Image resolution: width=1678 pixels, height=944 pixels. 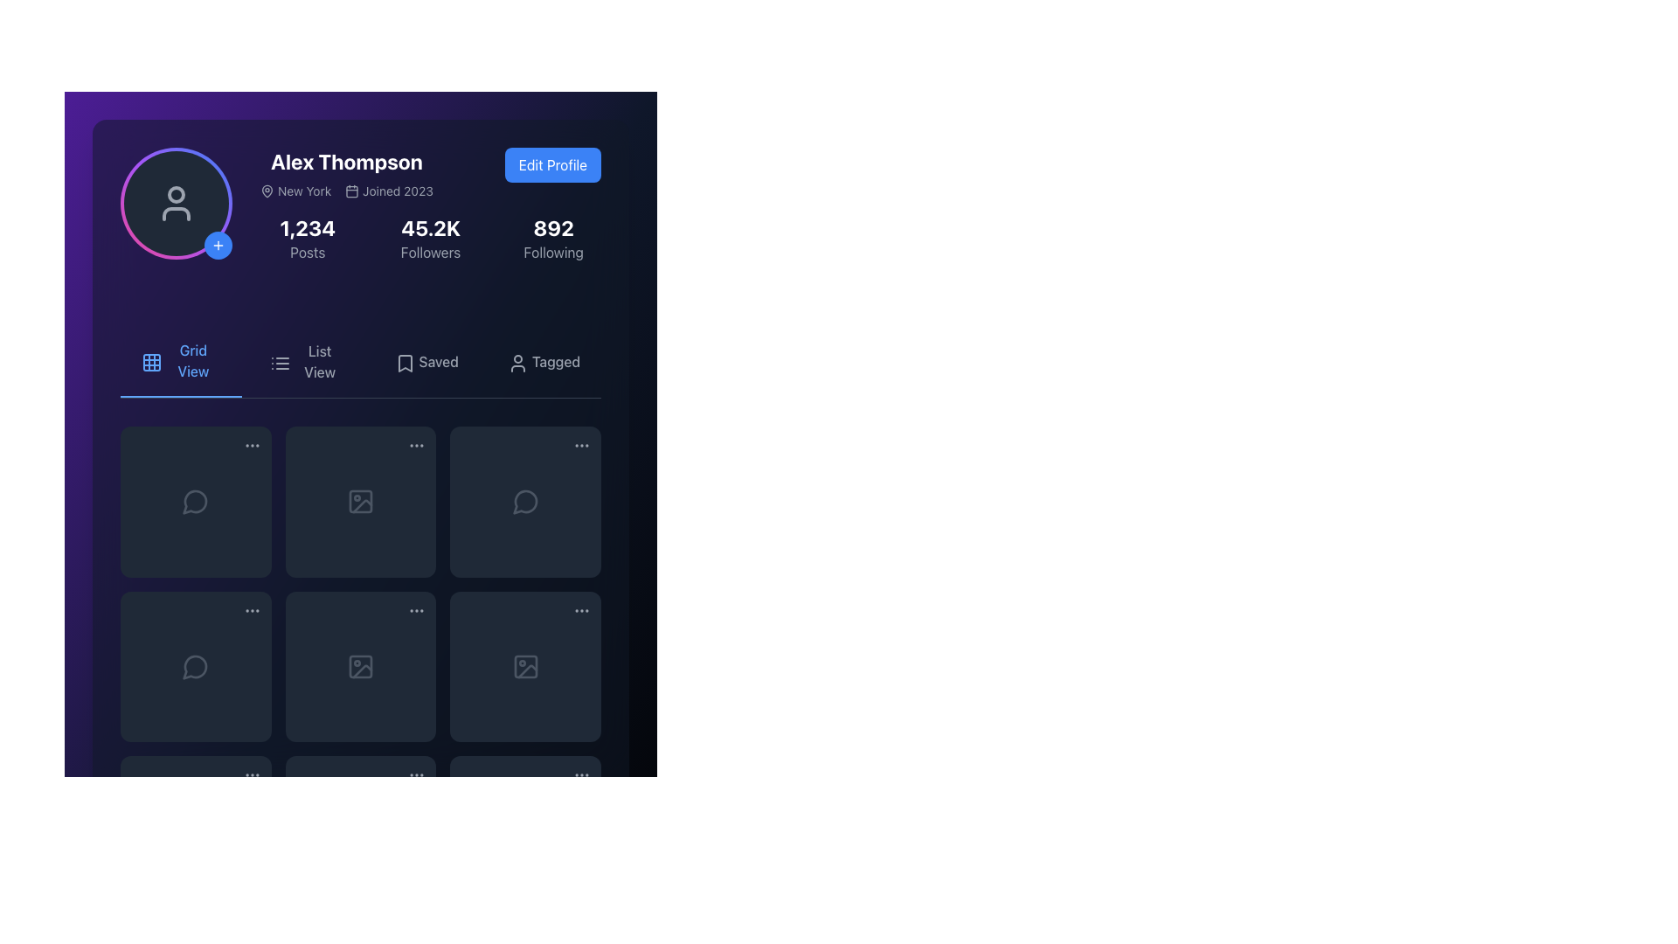 What do you see at coordinates (196, 667) in the screenshot?
I see `the circular speech bubble icon located in the second row, first column of the grid` at bounding box center [196, 667].